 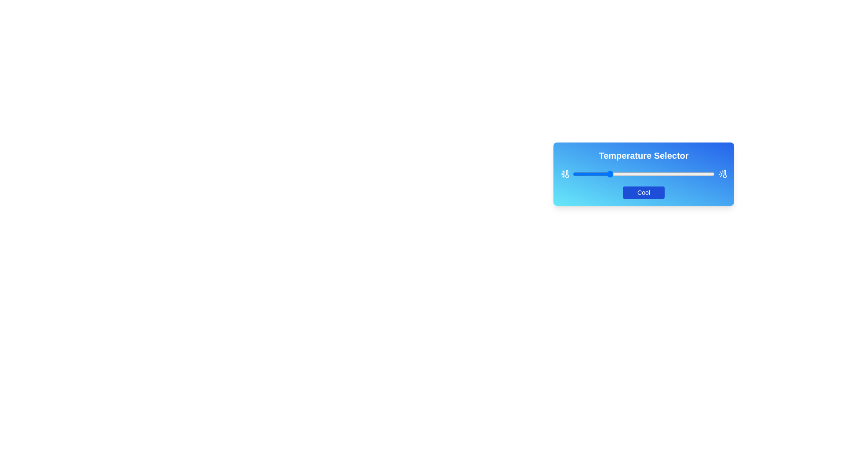 What do you see at coordinates (604, 174) in the screenshot?
I see `the slider to set the temperature to 22` at bounding box center [604, 174].